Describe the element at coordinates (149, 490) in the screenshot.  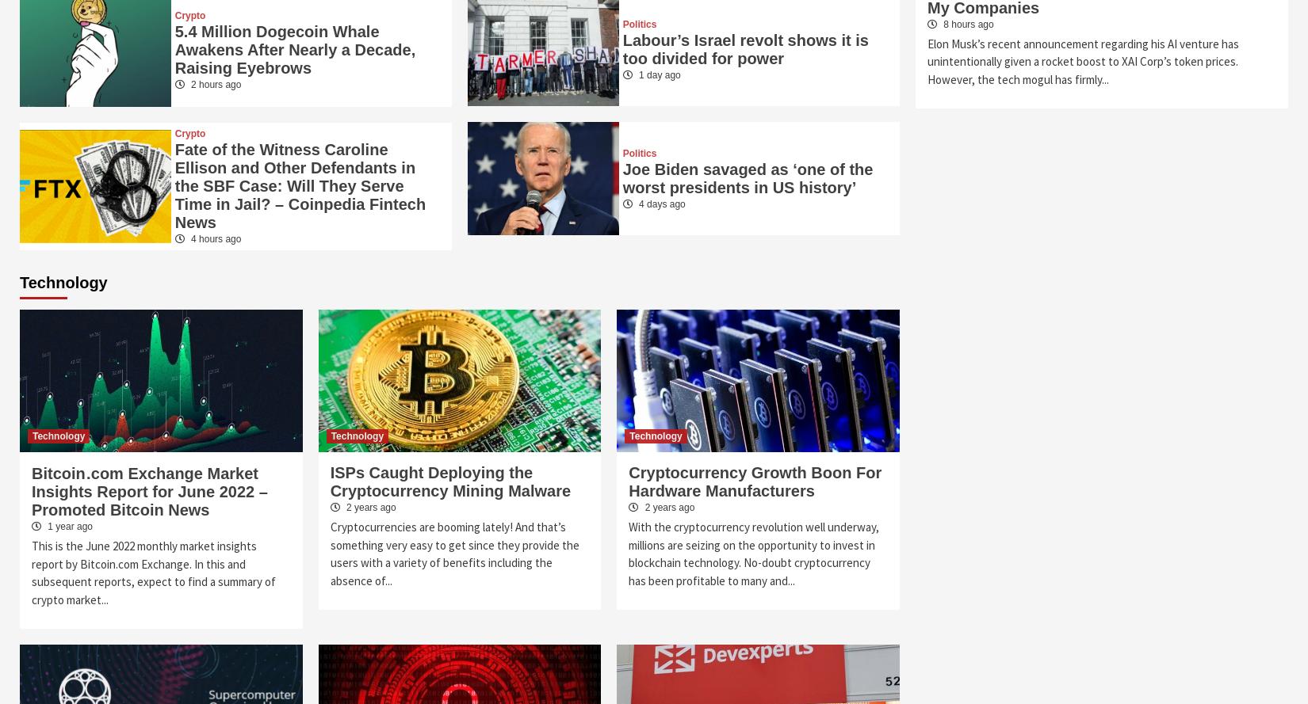
I see `'Bitcoin․com Exchange Market Insights Report for June 2022 – Promoted Bitcoin News'` at that location.